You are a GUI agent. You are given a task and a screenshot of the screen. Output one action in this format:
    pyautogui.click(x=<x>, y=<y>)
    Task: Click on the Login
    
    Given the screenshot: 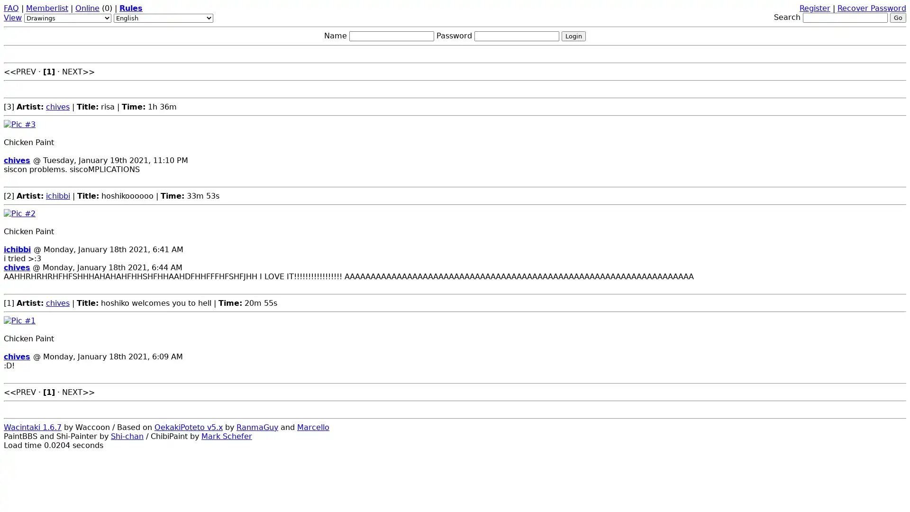 What is the action you would take?
    pyautogui.click(x=573, y=36)
    